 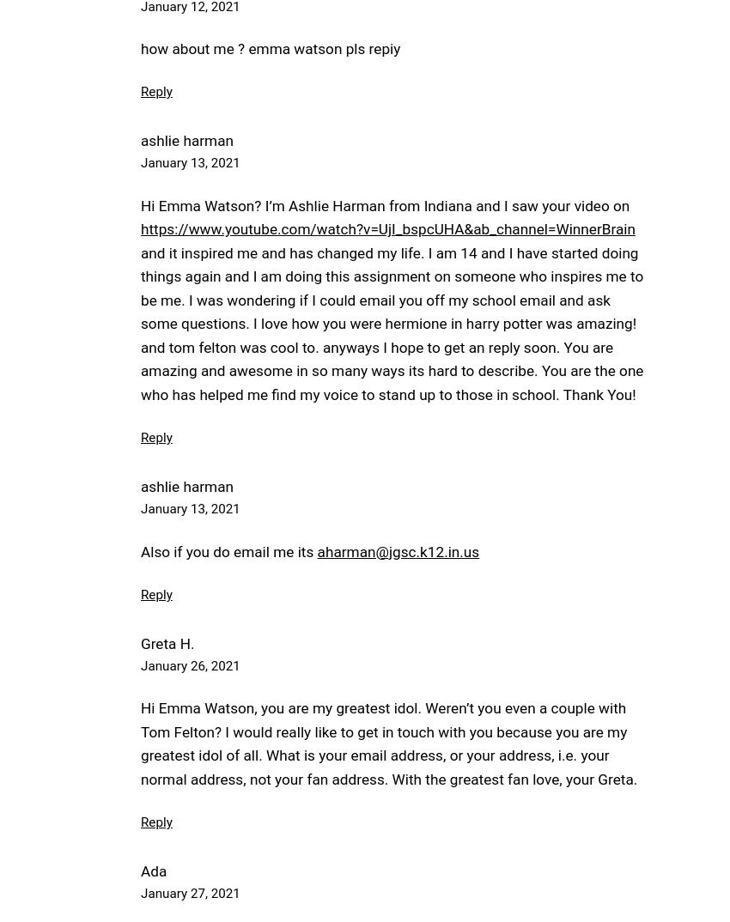 What do you see at coordinates (386, 227) in the screenshot?
I see `'https://www.youtube.com/watch?v=UjI_bspcUHA&ab_channel=WinnerBrain'` at bounding box center [386, 227].